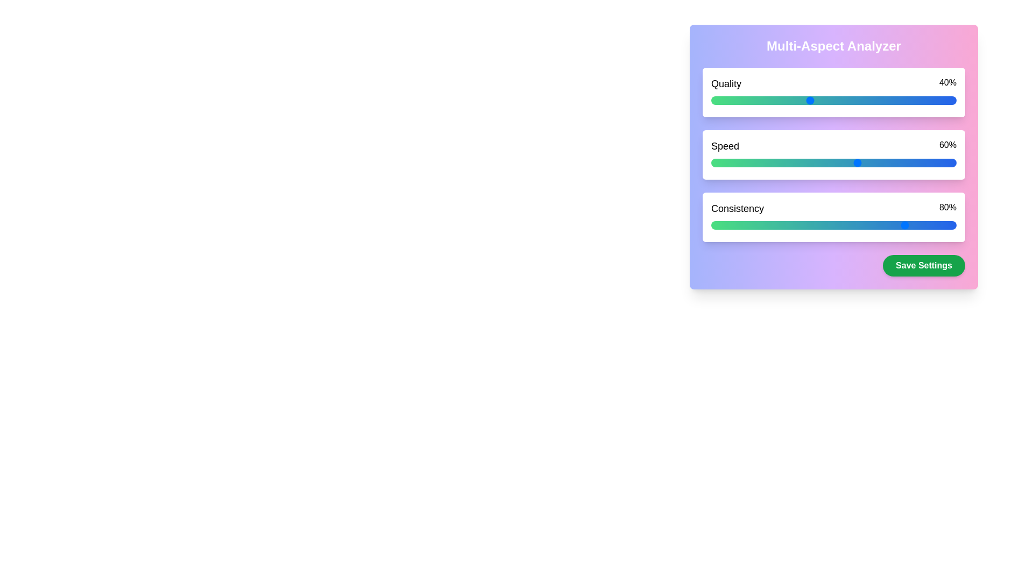 The image size is (1033, 581). What do you see at coordinates (947, 83) in the screenshot?
I see `text label displaying '40%' which is located at the far right end of the 'Quality' progress bar` at bounding box center [947, 83].